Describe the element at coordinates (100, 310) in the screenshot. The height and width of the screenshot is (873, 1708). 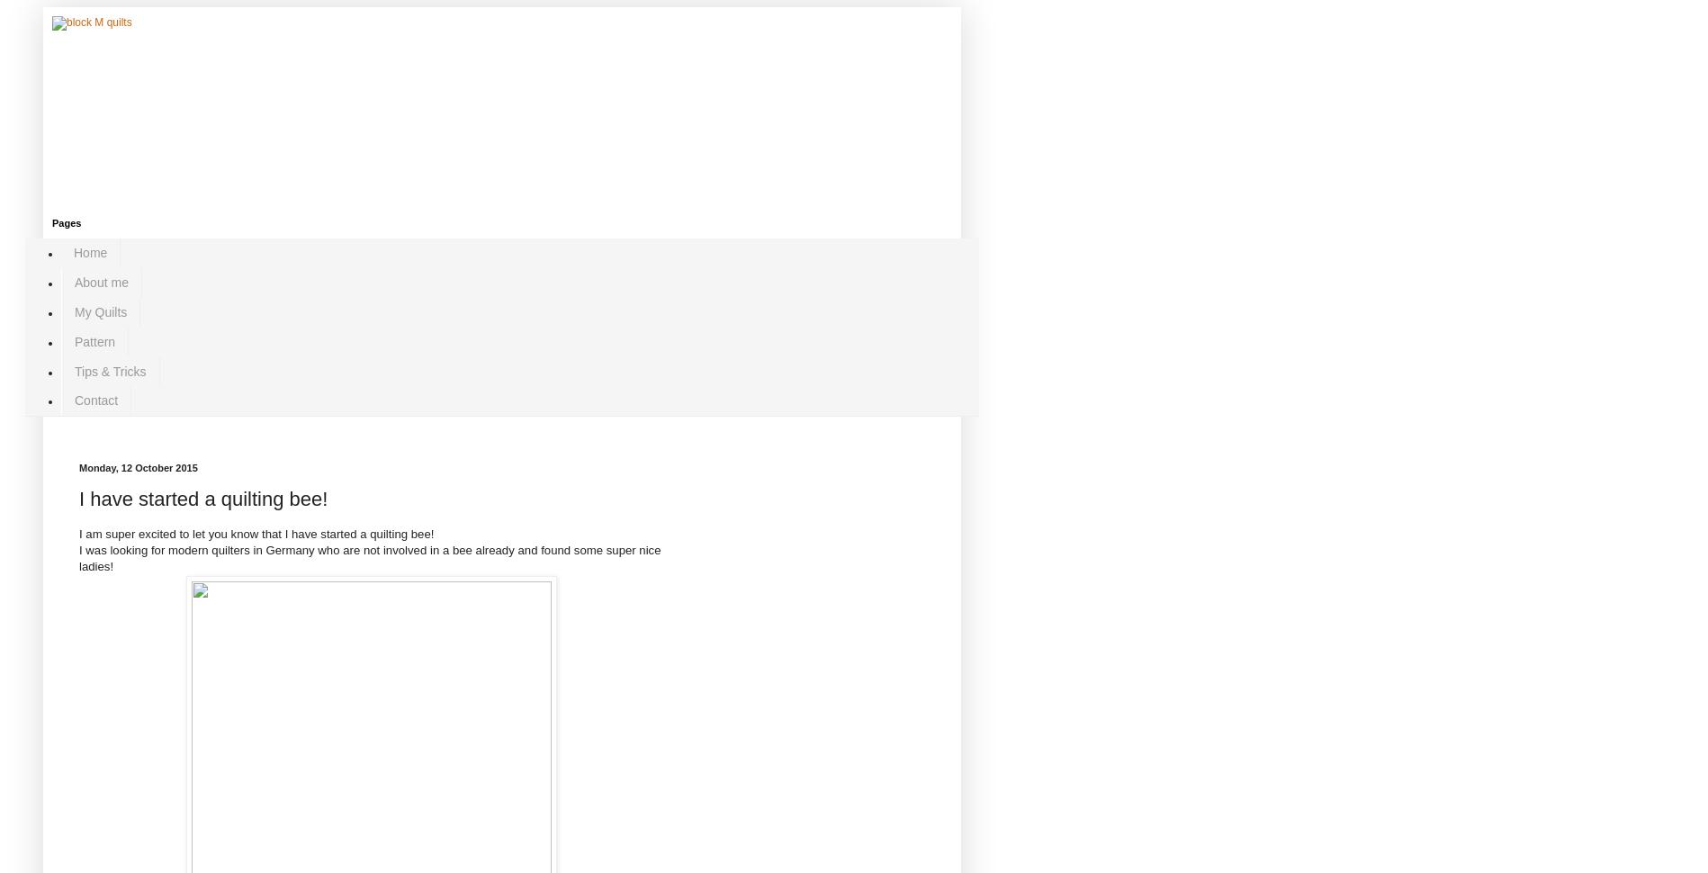
I see `'My Quilts'` at that location.